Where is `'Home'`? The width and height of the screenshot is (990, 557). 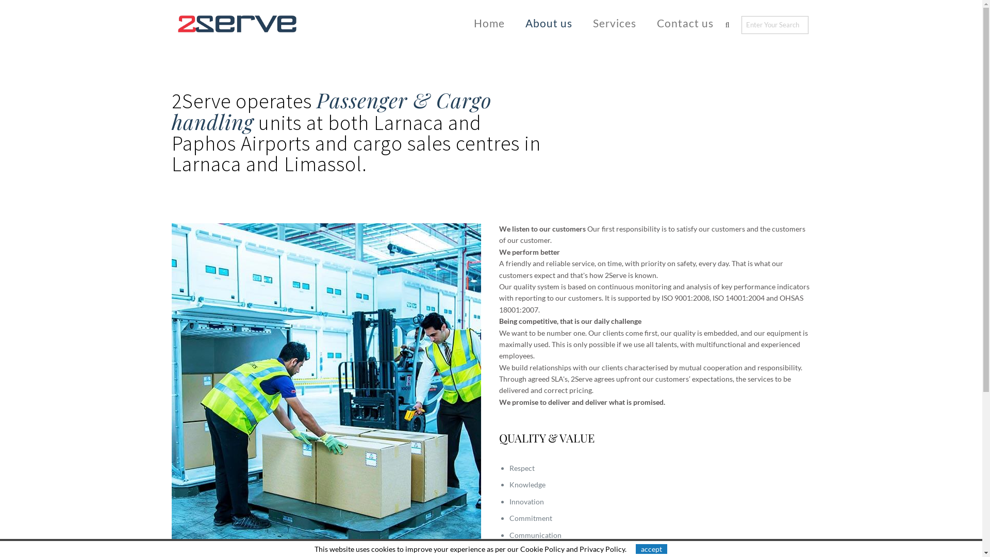
'Home' is located at coordinates (489, 23).